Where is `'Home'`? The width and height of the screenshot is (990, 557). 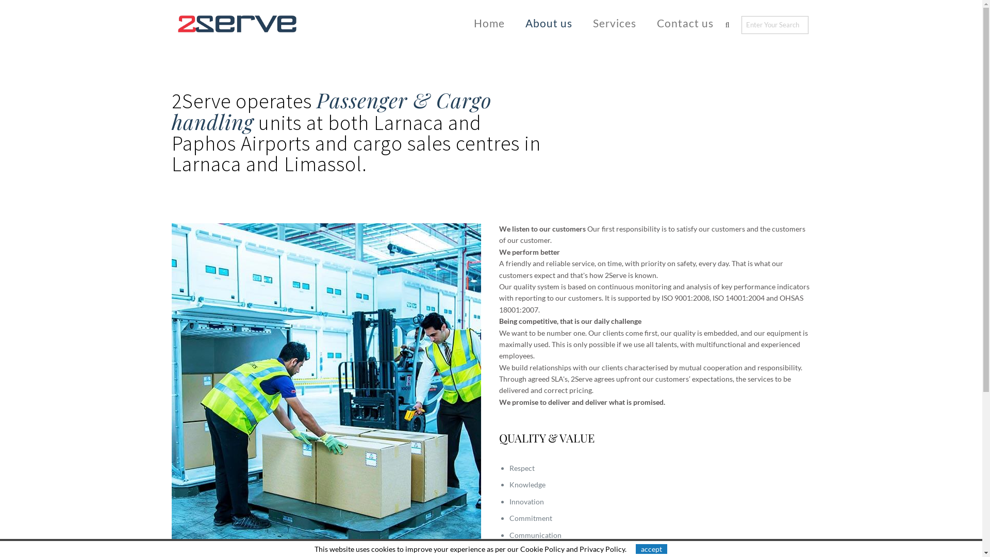
'Home' is located at coordinates (489, 23).